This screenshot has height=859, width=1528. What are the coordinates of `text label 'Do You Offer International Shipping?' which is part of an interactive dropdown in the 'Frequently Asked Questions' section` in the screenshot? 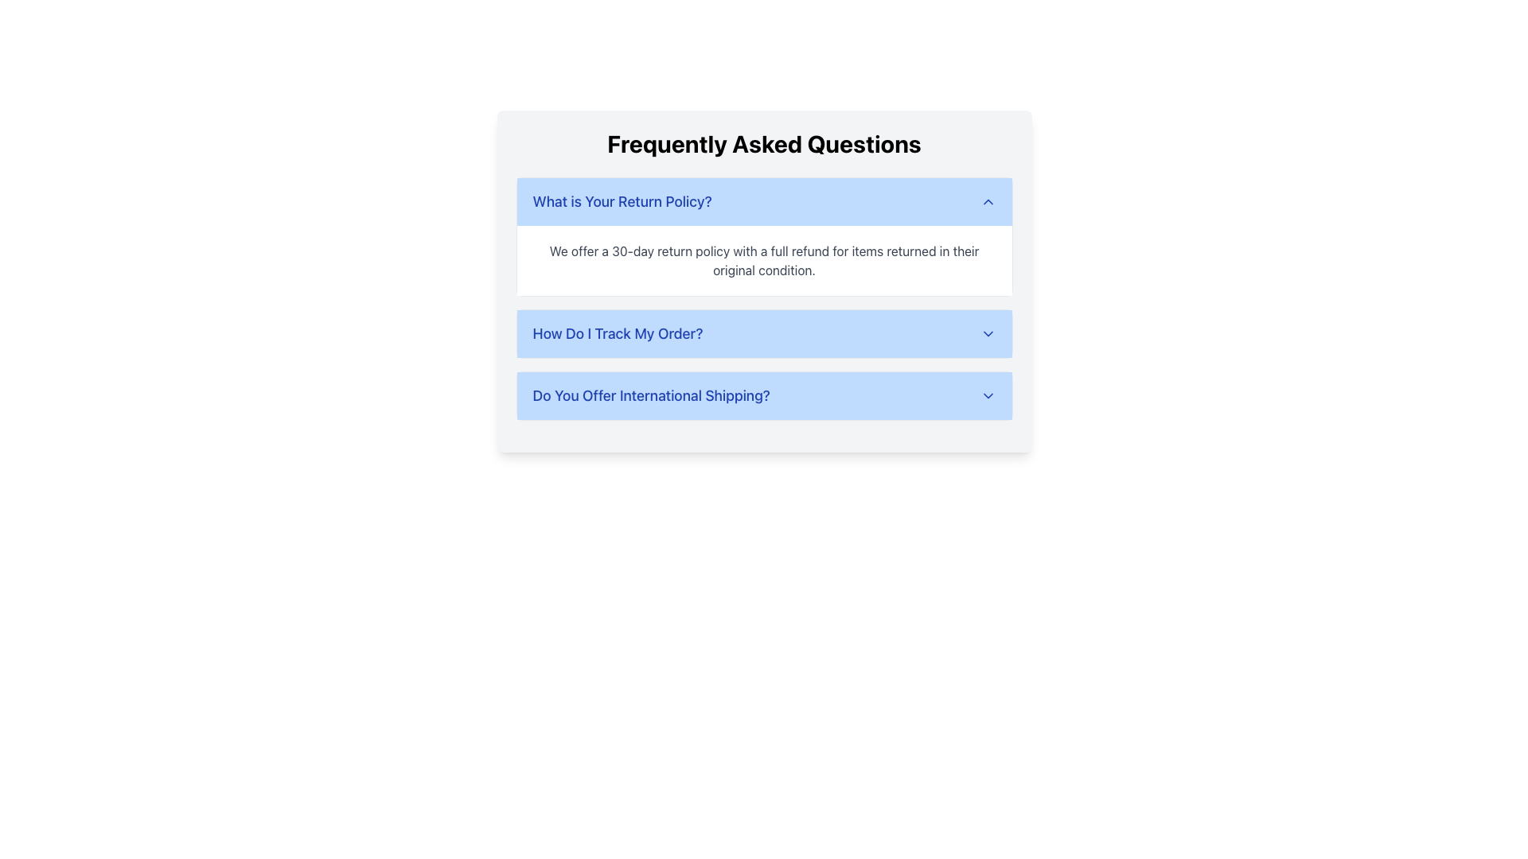 It's located at (651, 395).